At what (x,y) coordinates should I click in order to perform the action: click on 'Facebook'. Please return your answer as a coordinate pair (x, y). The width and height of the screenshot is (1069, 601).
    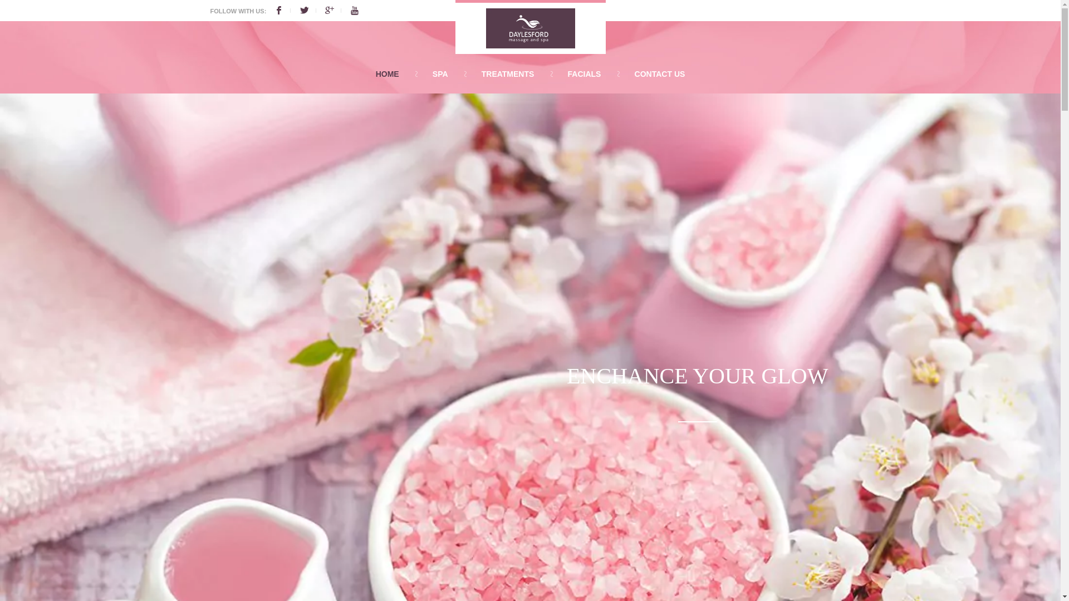
    Looking at the image, I should click on (286, 11).